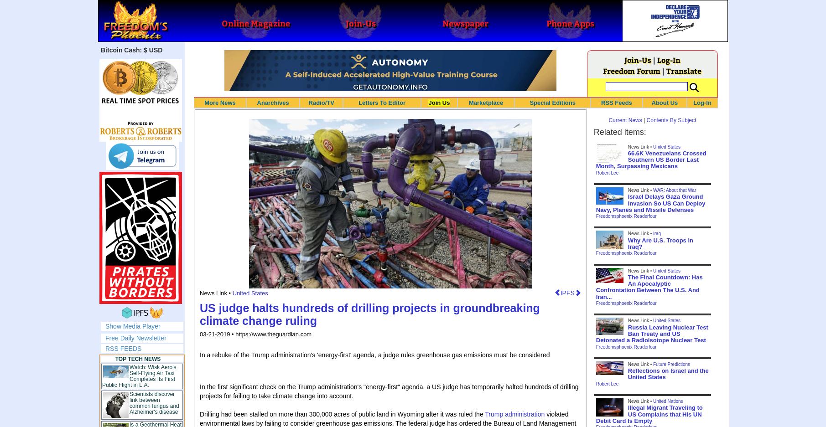 The image size is (826, 427). Describe the element at coordinates (666, 70) in the screenshot. I see `'Translate'` at that location.